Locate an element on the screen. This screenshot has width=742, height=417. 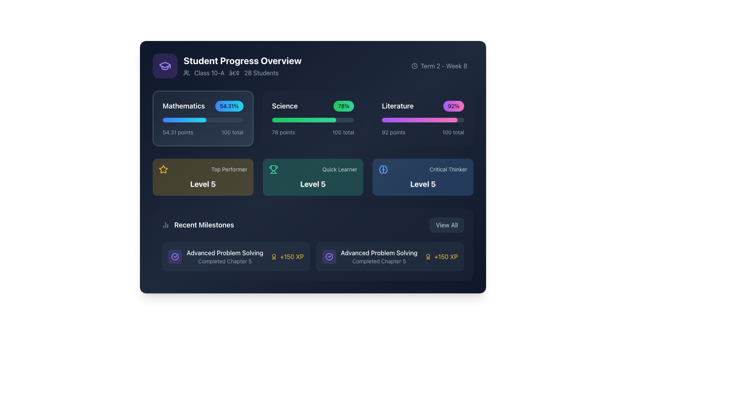
the informational Text label indicating the total value for the 'Mathematics' category, located at the bottom right corner of the 'Mathematics' section adjacent to '54.31 points' is located at coordinates (232, 132).